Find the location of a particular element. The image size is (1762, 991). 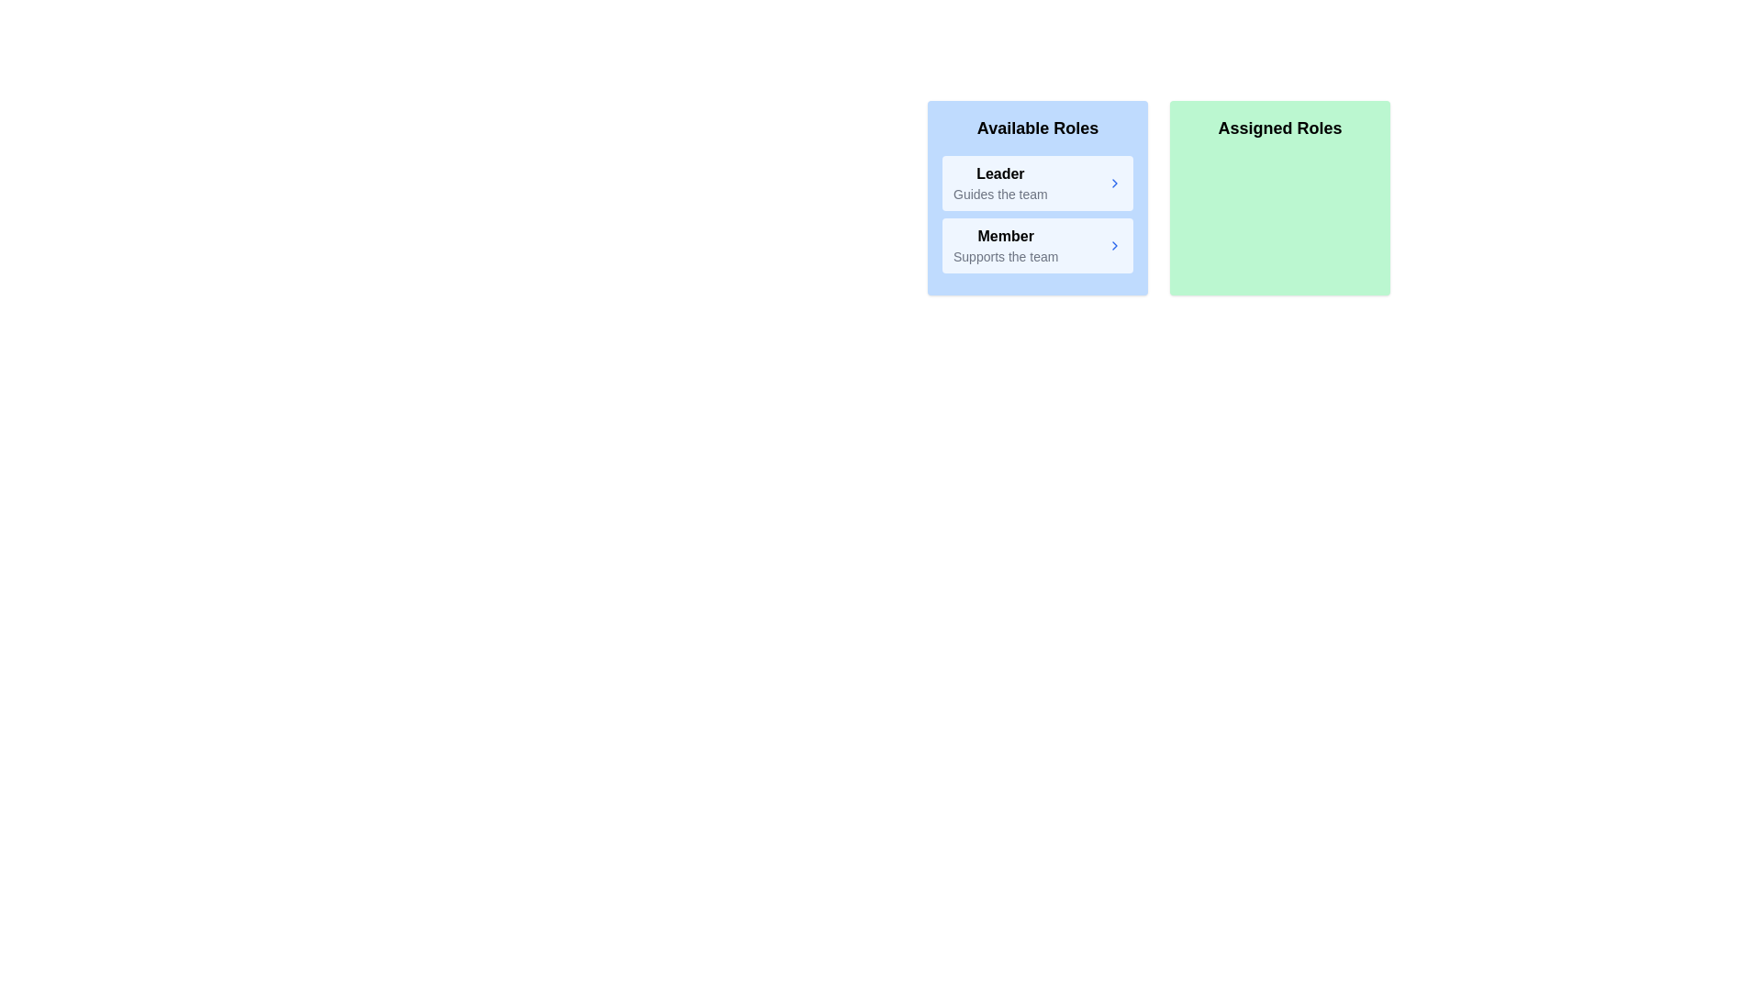

arrow button next to the role Member in the Available Roles list to assign it to the Assigned Roles list is located at coordinates (1113, 244).